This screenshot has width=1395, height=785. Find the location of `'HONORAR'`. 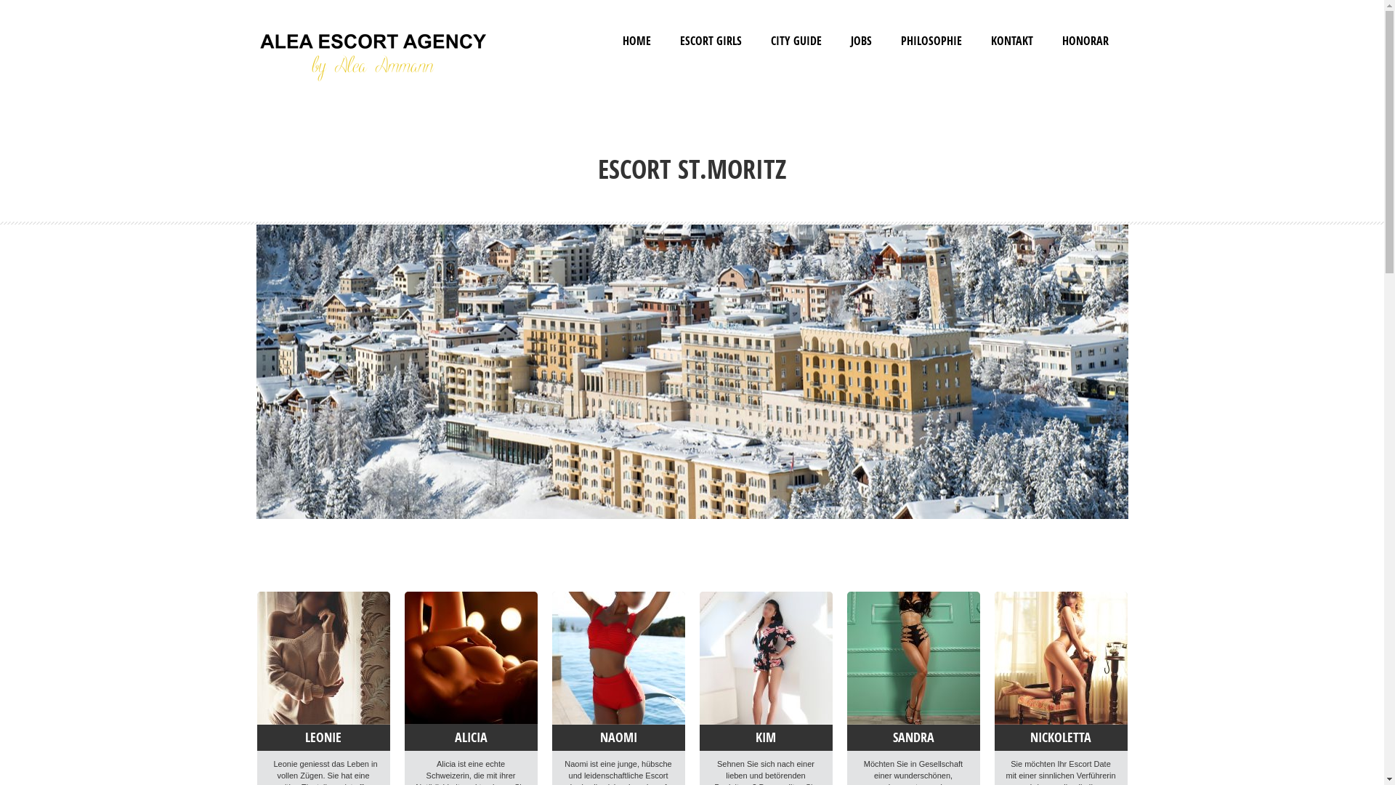

'HONORAR' is located at coordinates (1062, 40).